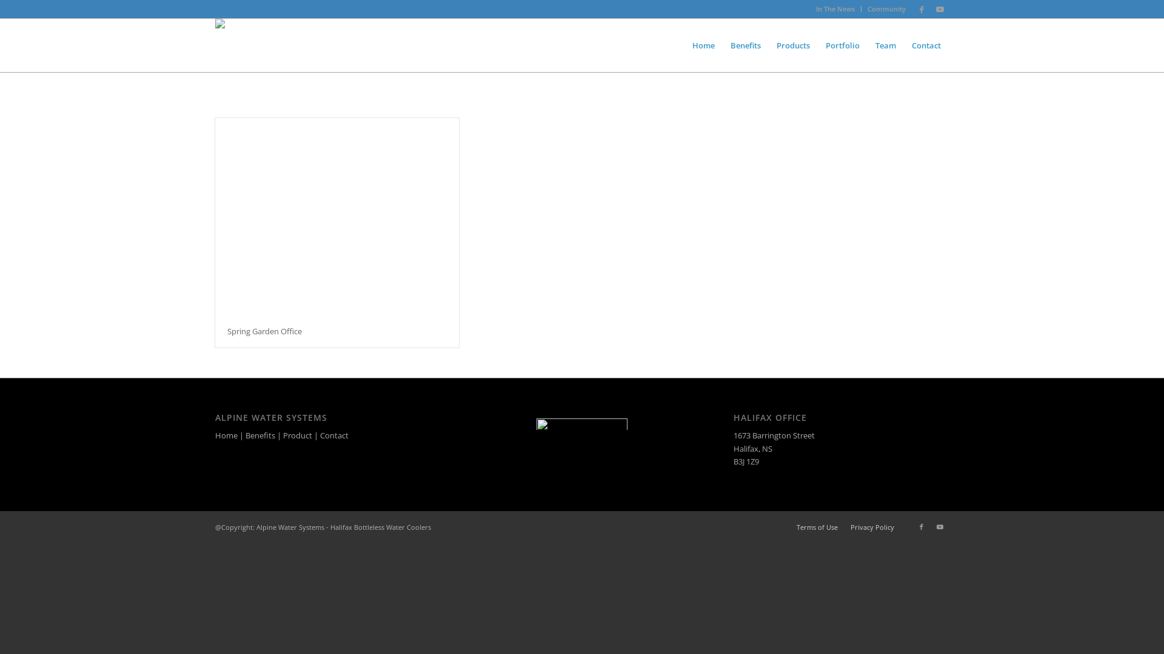 This screenshot has width=1164, height=654. I want to click on 'Facebook', so click(921, 526).